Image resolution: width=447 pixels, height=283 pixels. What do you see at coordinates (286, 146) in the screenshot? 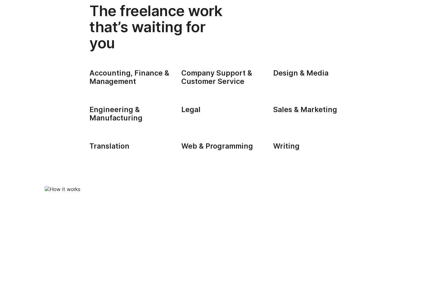
I see `'Writing'` at bounding box center [286, 146].